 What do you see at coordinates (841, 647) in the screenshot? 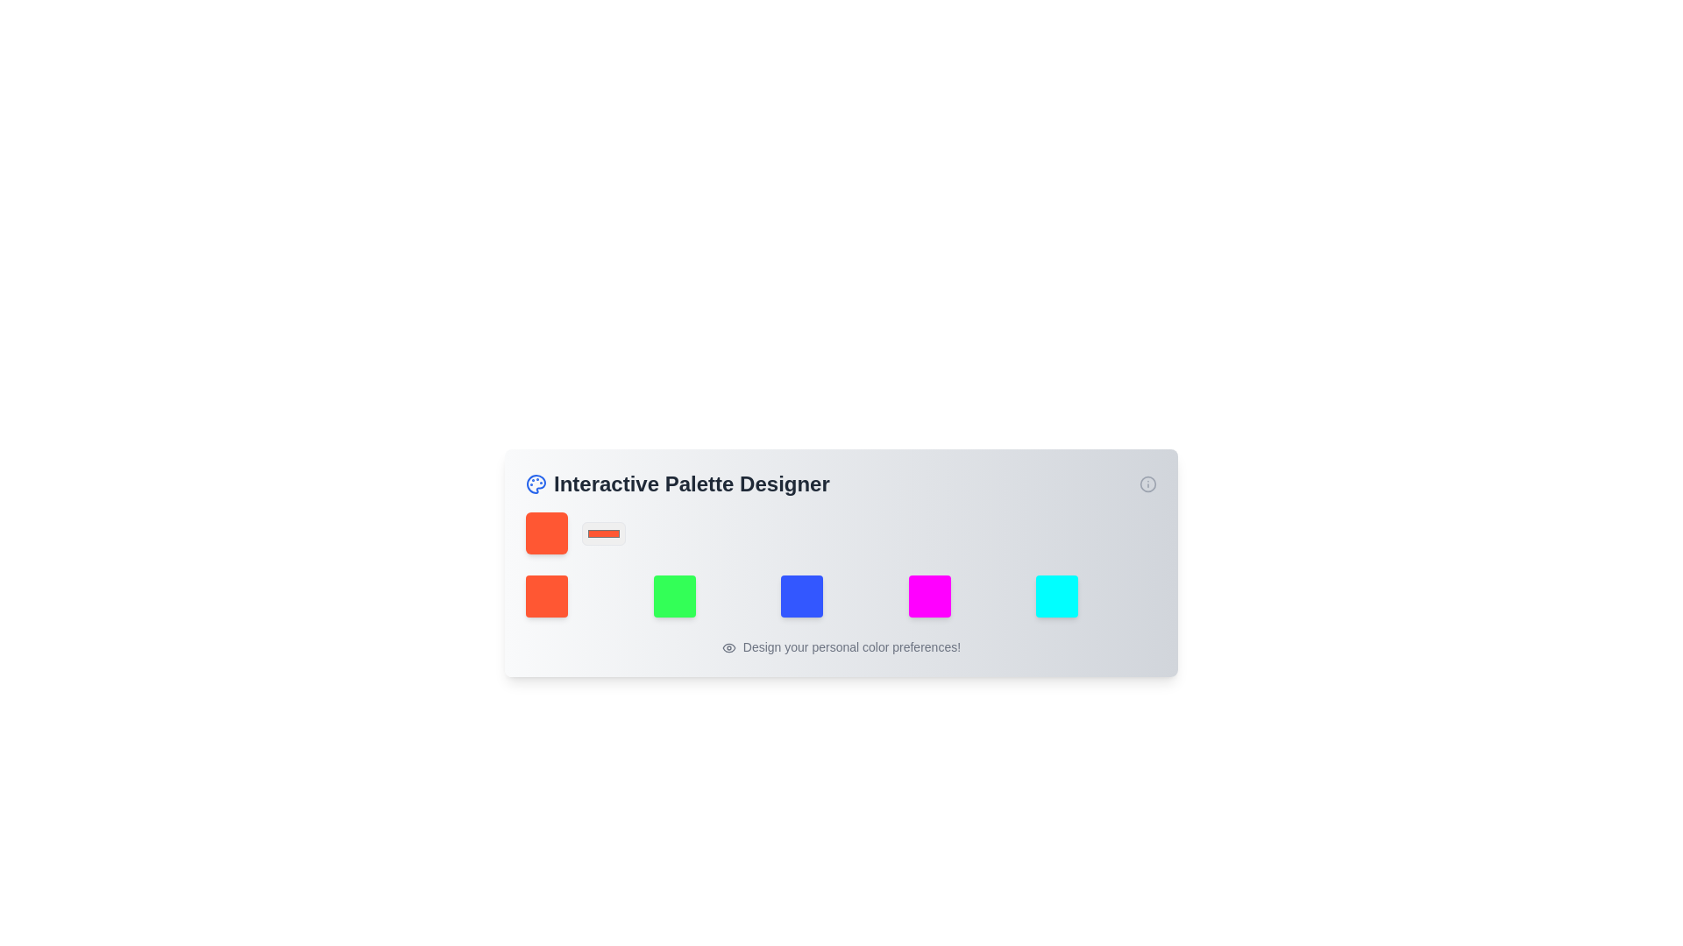
I see `the text label that says 'Design your personal color preferences!' located at the bottom of the 'Interactive Palette Designer' card layout` at bounding box center [841, 647].